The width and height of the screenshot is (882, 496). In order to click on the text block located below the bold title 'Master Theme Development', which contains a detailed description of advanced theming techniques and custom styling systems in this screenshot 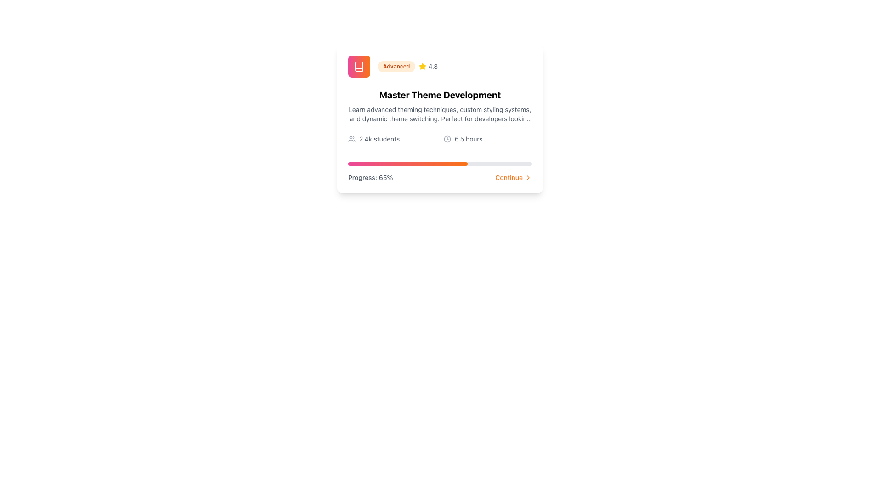, I will do `click(440, 114)`.